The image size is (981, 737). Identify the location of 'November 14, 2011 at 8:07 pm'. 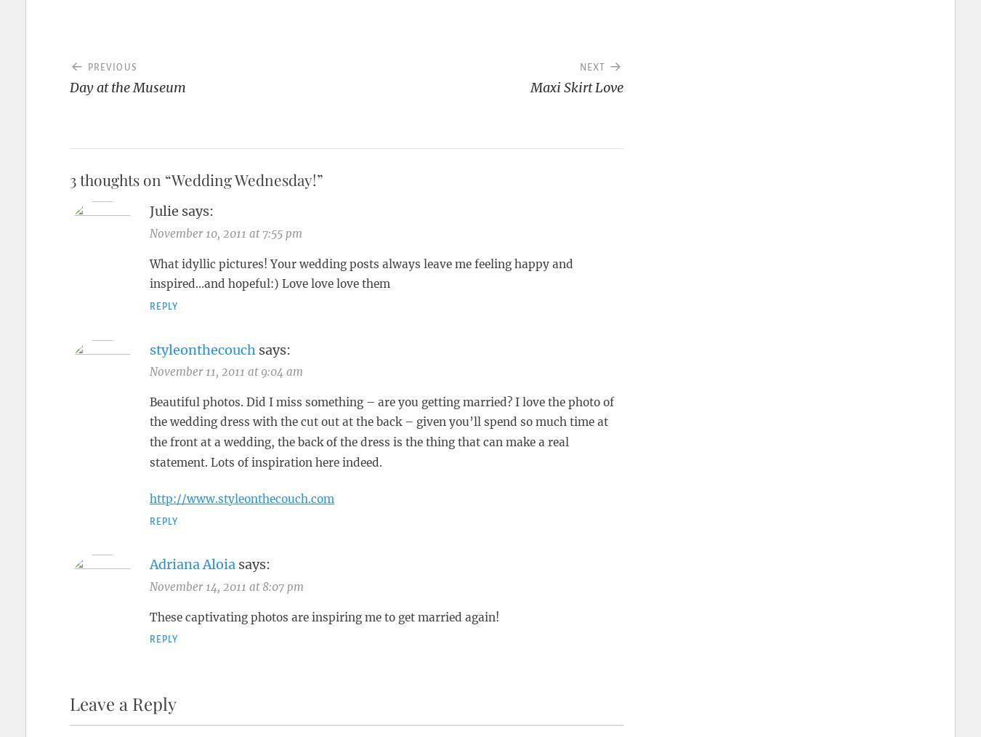
(225, 586).